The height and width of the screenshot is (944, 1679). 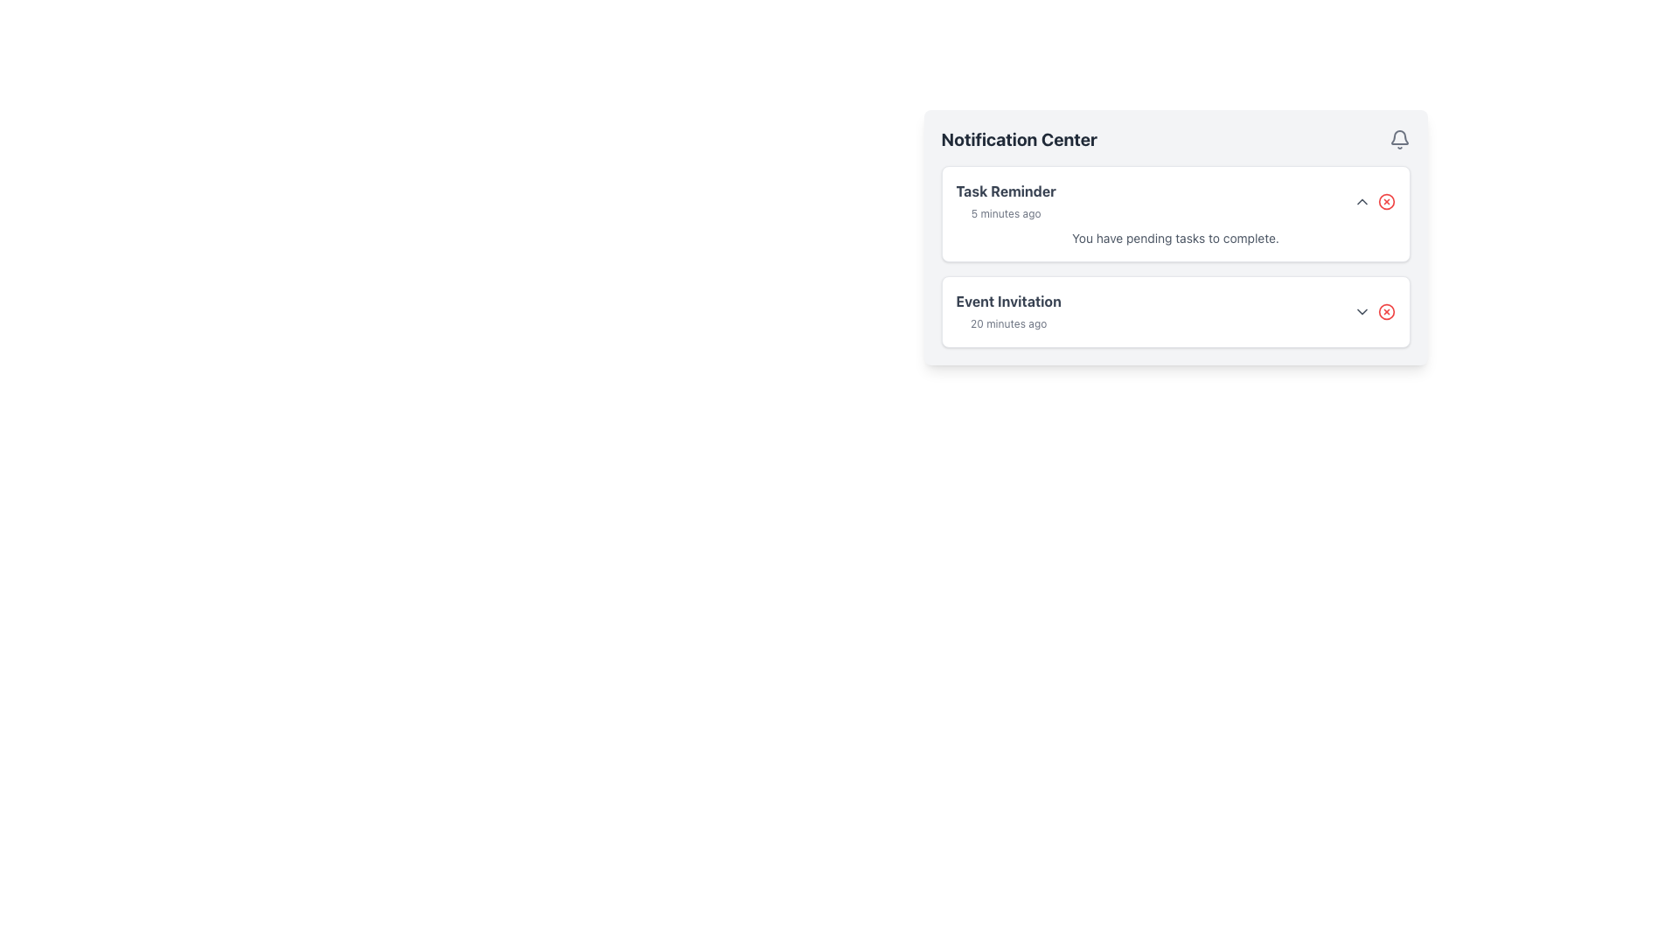 I want to click on the downward arrow icon button, so click(x=1361, y=311).